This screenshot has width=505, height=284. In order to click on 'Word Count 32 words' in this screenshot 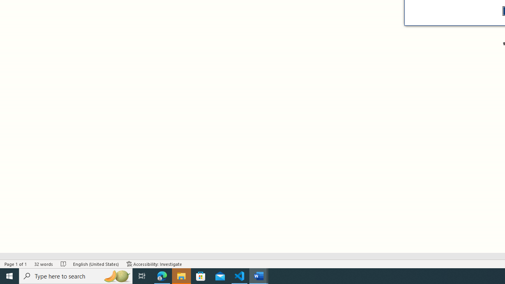, I will do `click(43, 264)`.